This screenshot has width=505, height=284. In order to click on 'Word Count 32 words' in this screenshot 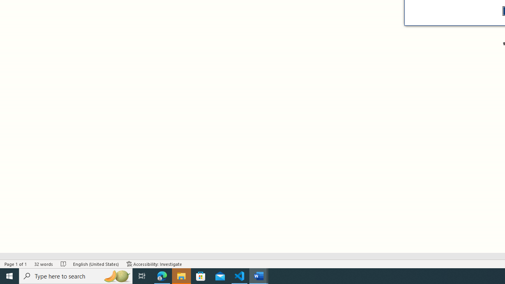, I will do `click(43, 264)`.